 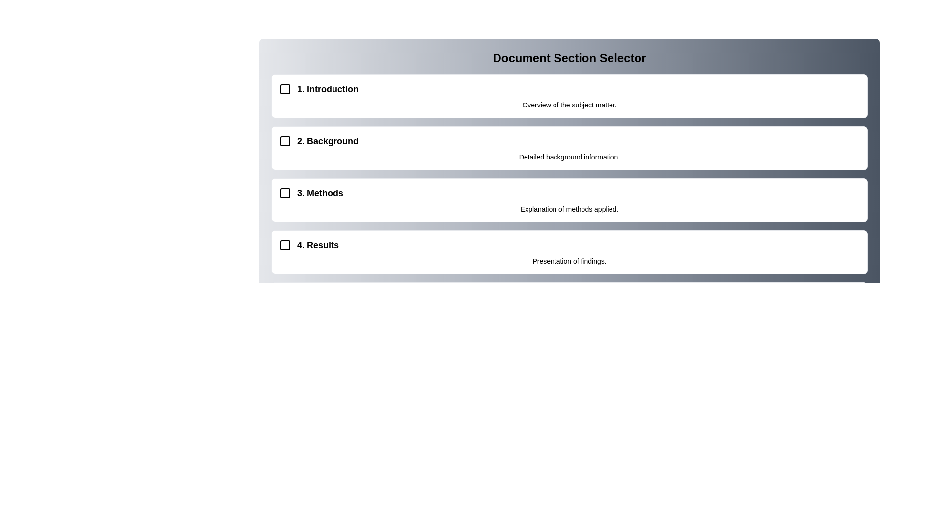 What do you see at coordinates (569, 200) in the screenshot?
I see `the section card labeled 'Methods' to view its content` at bounding box center [569, 200].